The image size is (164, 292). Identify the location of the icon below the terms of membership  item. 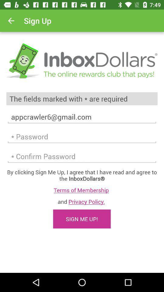
(82, 201).